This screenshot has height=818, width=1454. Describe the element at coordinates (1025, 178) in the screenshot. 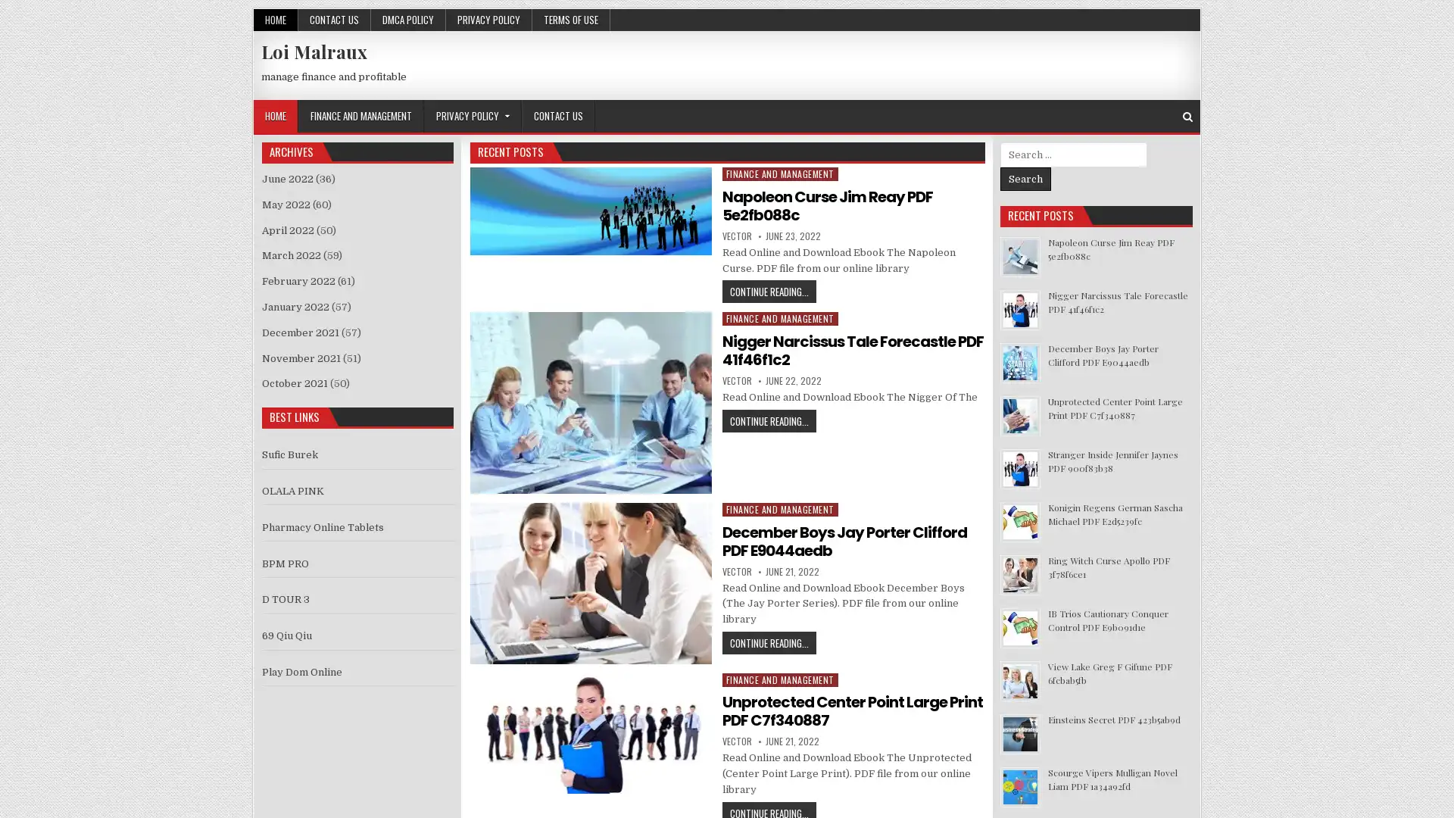

I see `Search` at that location.